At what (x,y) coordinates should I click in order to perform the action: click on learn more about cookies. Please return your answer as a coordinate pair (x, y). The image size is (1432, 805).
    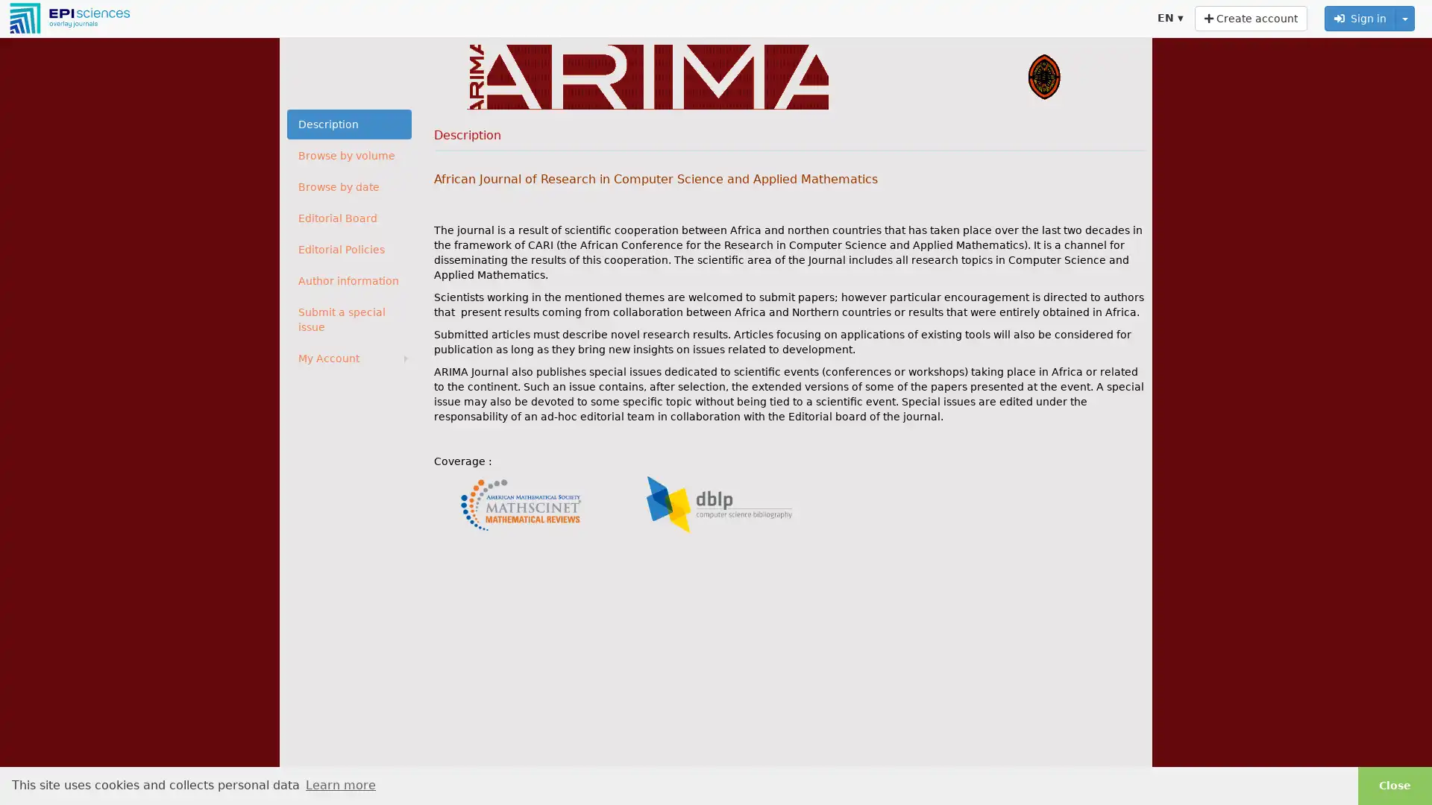
    Looking at the image, I should click on (339, 784).